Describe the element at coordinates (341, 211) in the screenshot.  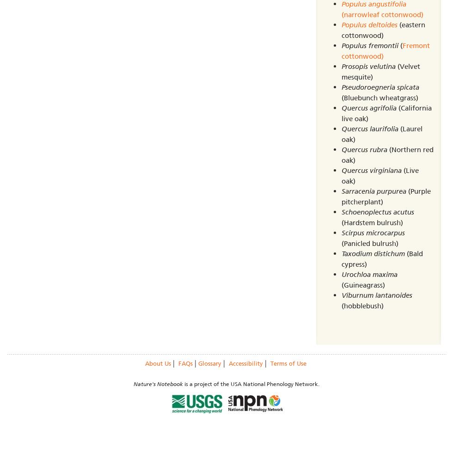
I see `'Schoenoplectus acutus'` at that location.